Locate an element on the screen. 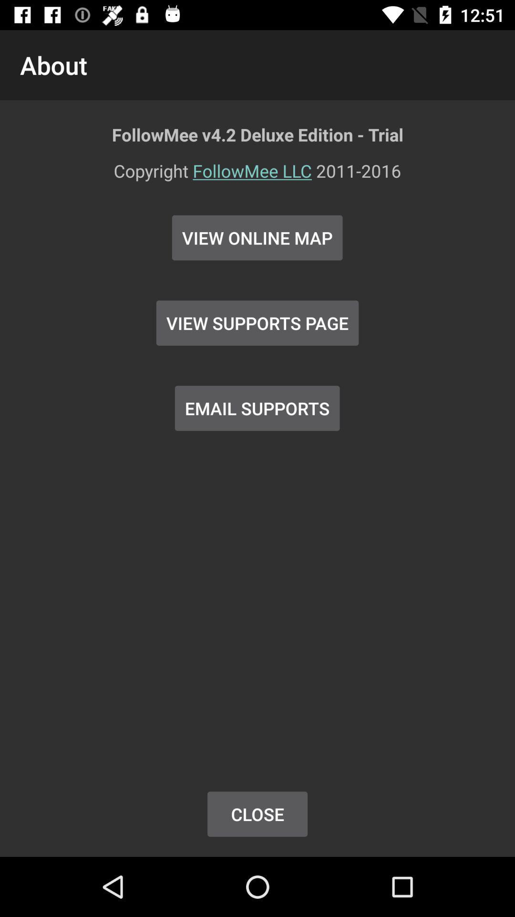  the icon above the view online map item is located at coordinates (257, 177).